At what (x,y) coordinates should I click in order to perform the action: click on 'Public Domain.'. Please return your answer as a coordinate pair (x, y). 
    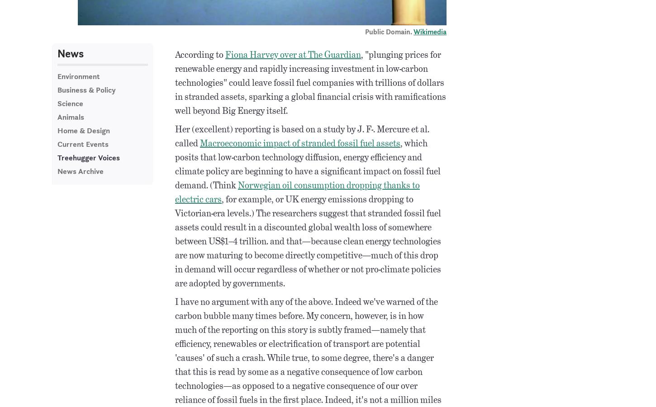
    Looking at the image, I should click on (365, 31).